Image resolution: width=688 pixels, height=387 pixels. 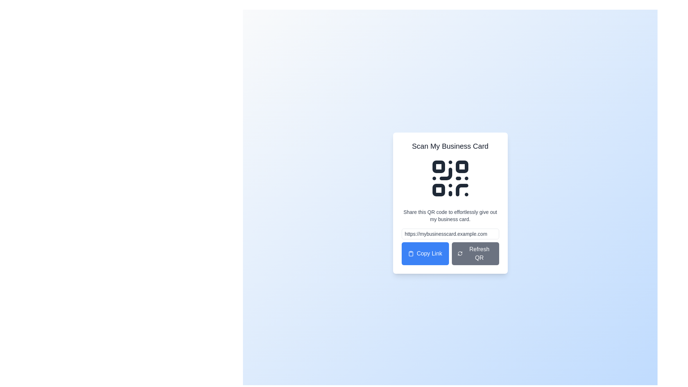 I want to click on the third square graphical icon element located at the bottom-left of the QR code graphic, so click(x=438, y=190).